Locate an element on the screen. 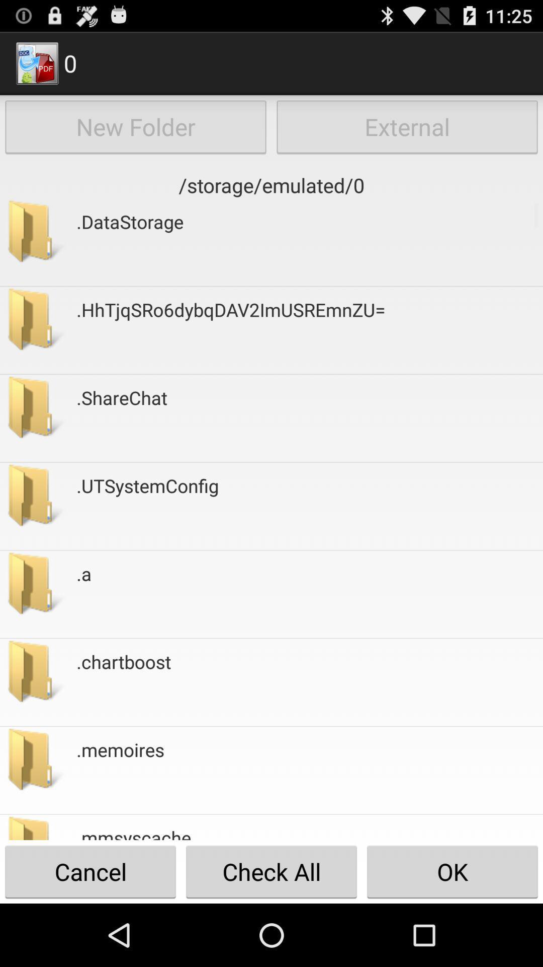  the button to the right of new folder icon is located at coordinates (407, 126).